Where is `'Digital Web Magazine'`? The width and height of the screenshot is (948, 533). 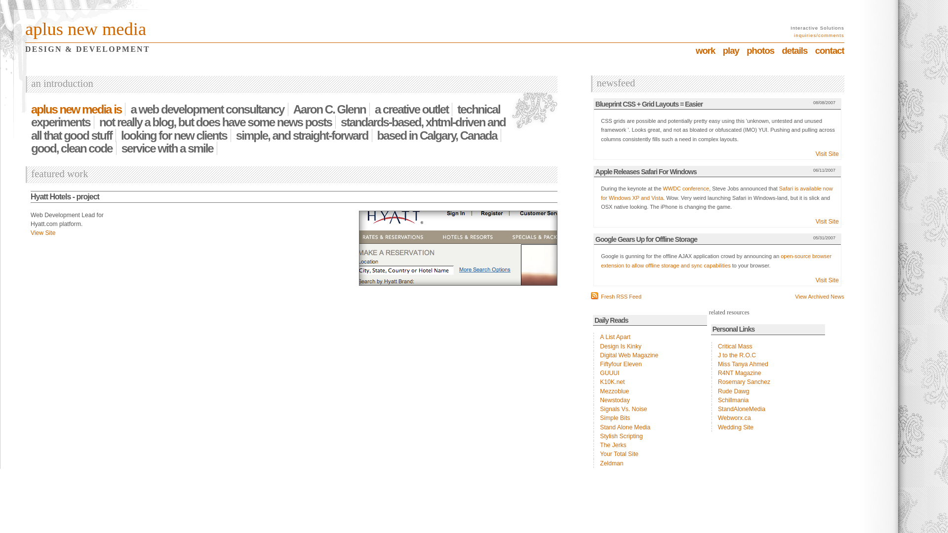 'Digital Web Magazine' is located at coordinates (650, 355).